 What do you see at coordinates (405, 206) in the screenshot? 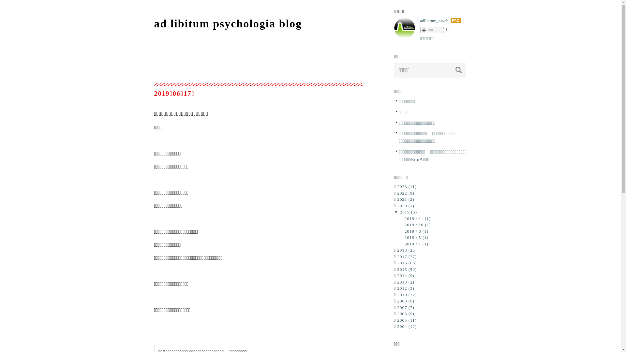
I see `'2020 (1)'` at bounding box center [405, 206].